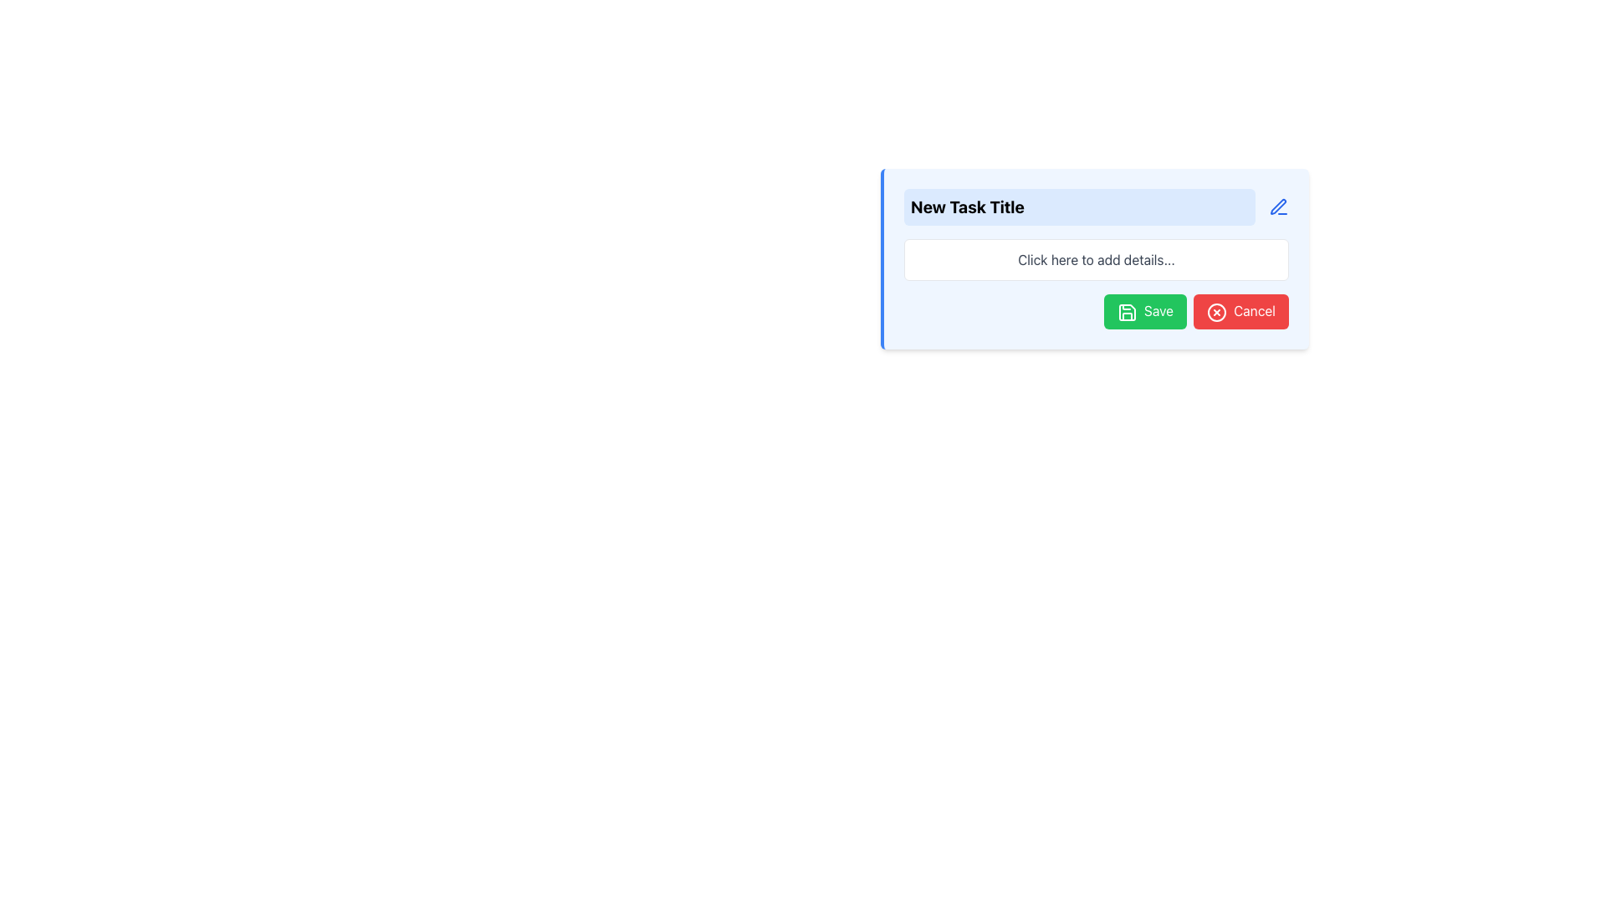  I want to click on the pen icon located in the top-right corner of the box containing the text 'New Task Title', so click(1277, 206).